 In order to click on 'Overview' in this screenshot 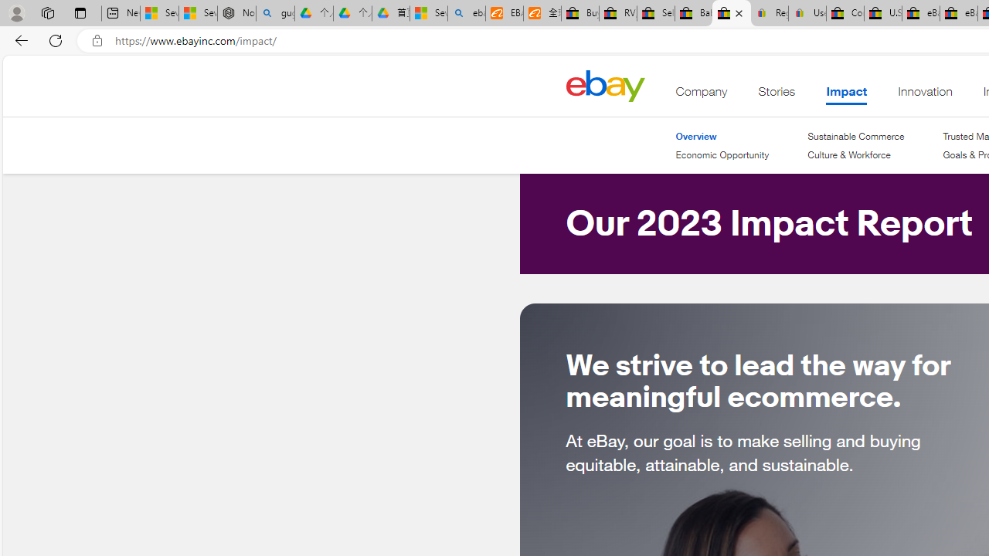, I will do `click(722, 136)`.